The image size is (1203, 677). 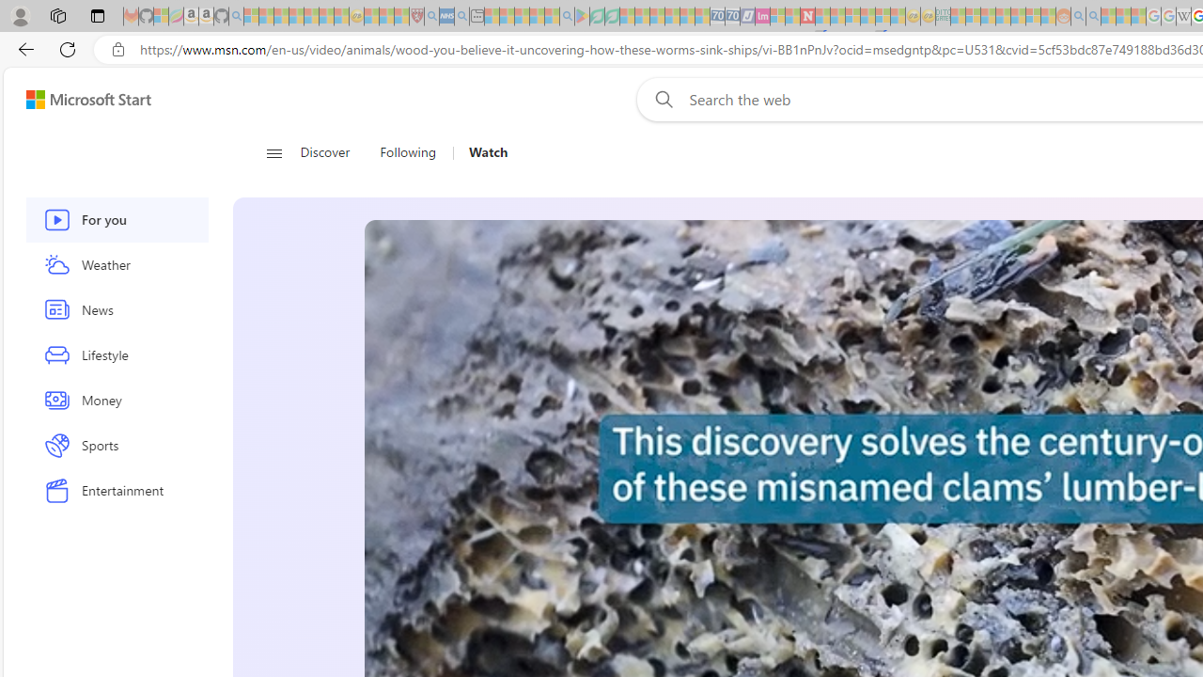 I want to click on 'New Report Confirms 2023 Was Record Hot | Watch - Sleeping', so click(x=311, y=16).